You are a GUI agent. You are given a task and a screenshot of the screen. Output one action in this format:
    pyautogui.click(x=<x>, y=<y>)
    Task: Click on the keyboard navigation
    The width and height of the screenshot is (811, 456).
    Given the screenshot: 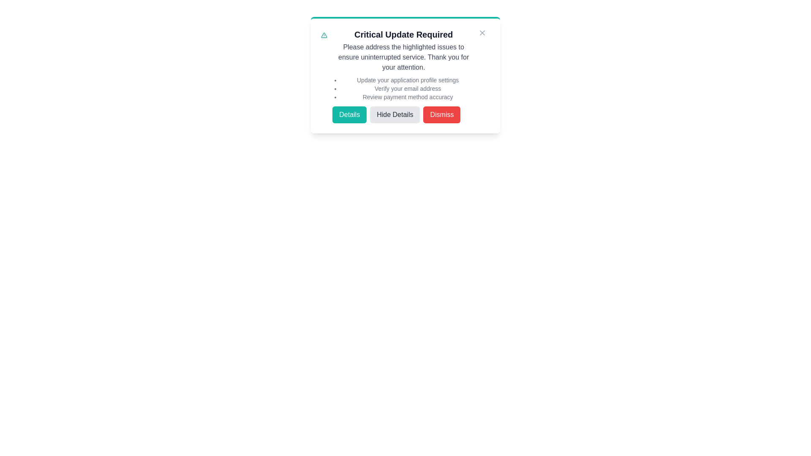 What is the action you would take?
    pyautogui.click(x=395, y=115)
    